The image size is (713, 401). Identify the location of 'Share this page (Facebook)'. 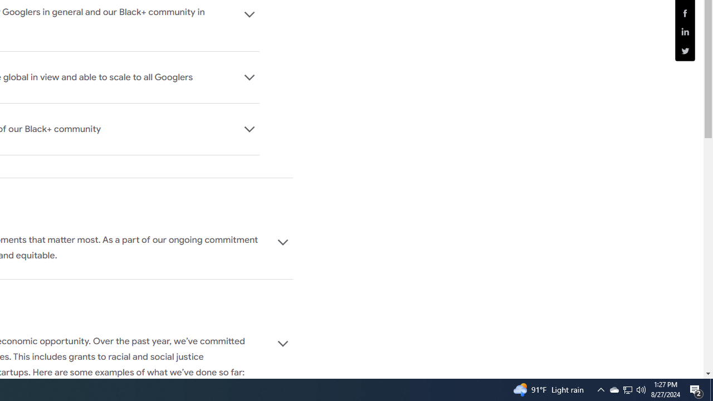
(685, 13).